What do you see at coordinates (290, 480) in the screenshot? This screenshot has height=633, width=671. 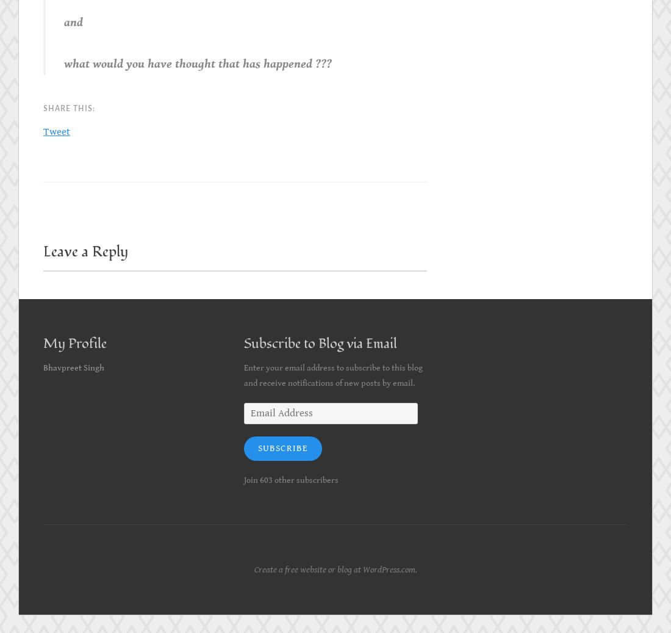 I see `'Join 603 other subscribers'` at bounding box center [290, 480].